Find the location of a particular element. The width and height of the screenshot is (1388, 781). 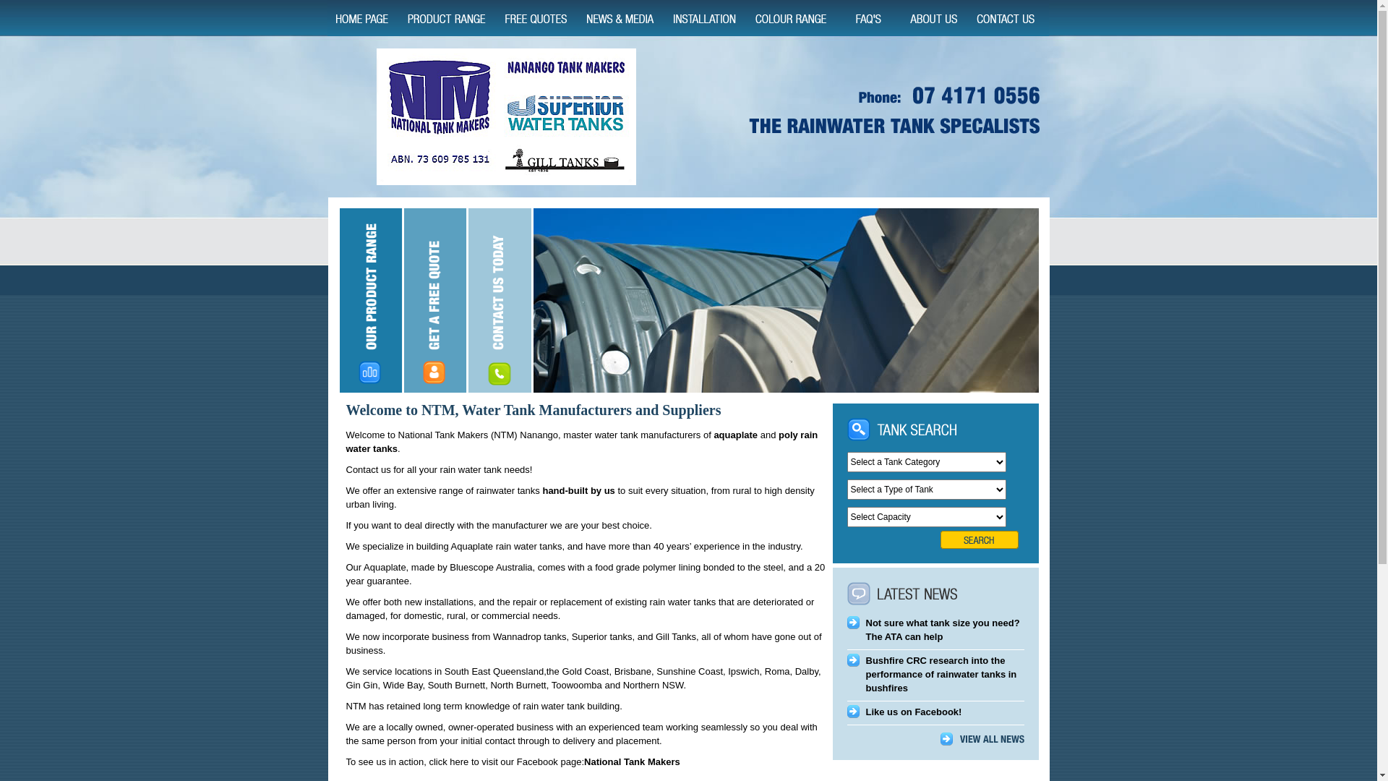

'Nanango Tank Makers' is located at coordinates (899, 111).